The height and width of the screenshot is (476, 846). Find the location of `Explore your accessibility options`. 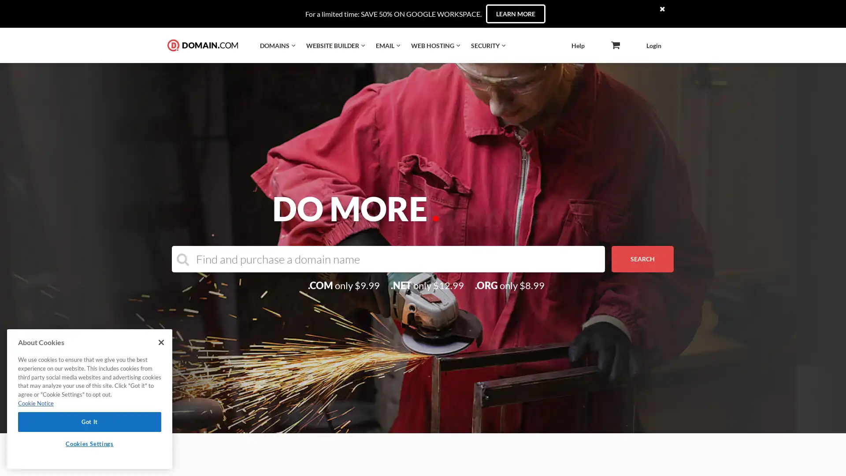

Explore your accessibility options is located at coordinates (831, 431).